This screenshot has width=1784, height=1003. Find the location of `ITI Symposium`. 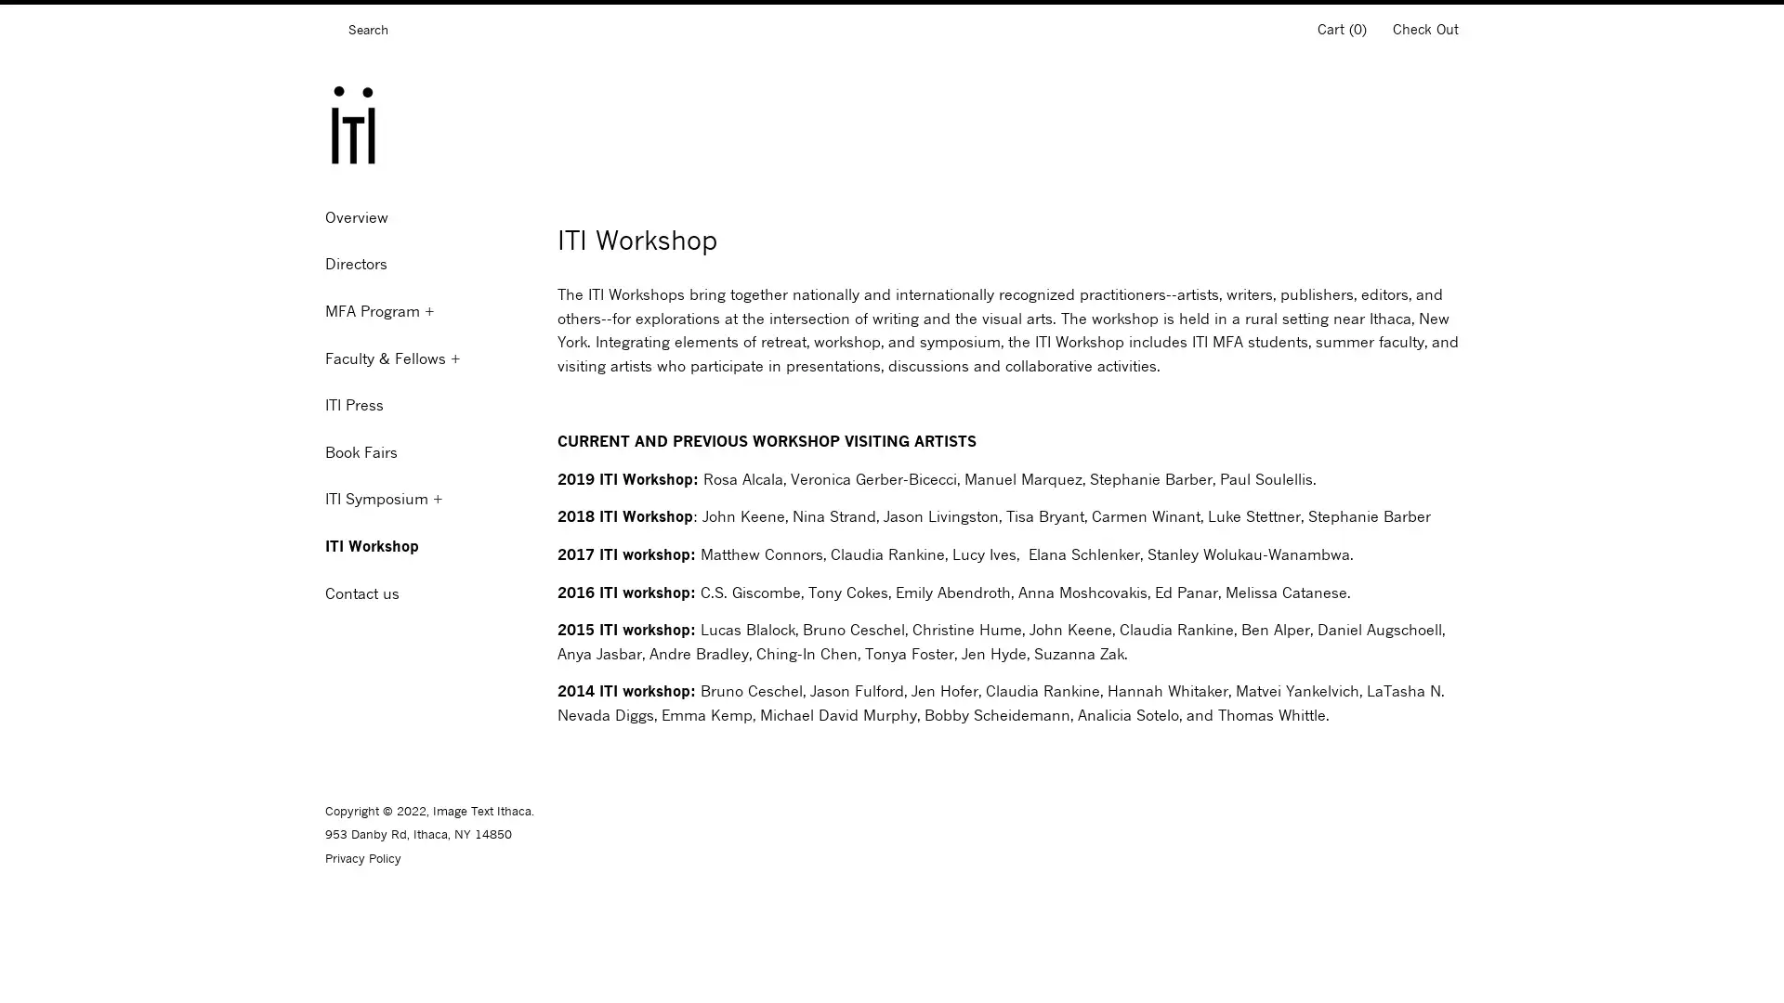

ITI Symposium is located at coordinates (426, 498).